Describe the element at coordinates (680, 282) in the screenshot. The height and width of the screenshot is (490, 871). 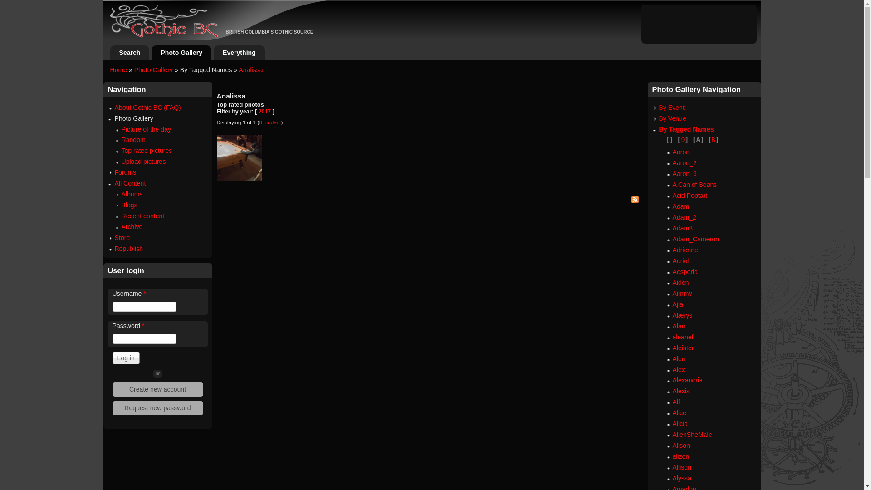
I see `'Aiden'` at that location.